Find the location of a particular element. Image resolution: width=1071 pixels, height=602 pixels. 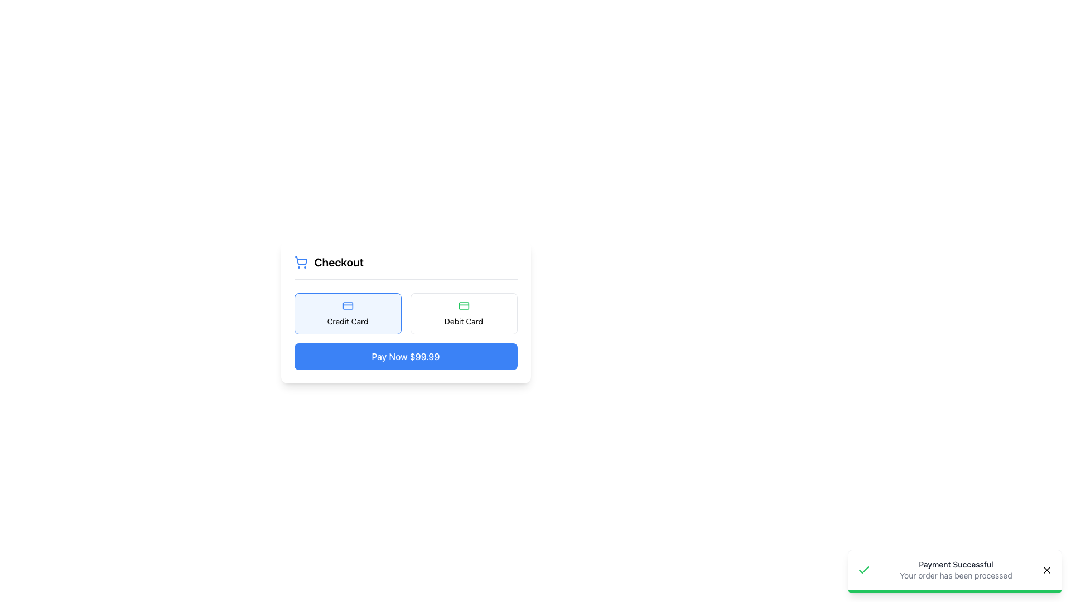

decorative SVG element located at the center-left of the card UI by clicking on it is located at coordinates (464, 305).